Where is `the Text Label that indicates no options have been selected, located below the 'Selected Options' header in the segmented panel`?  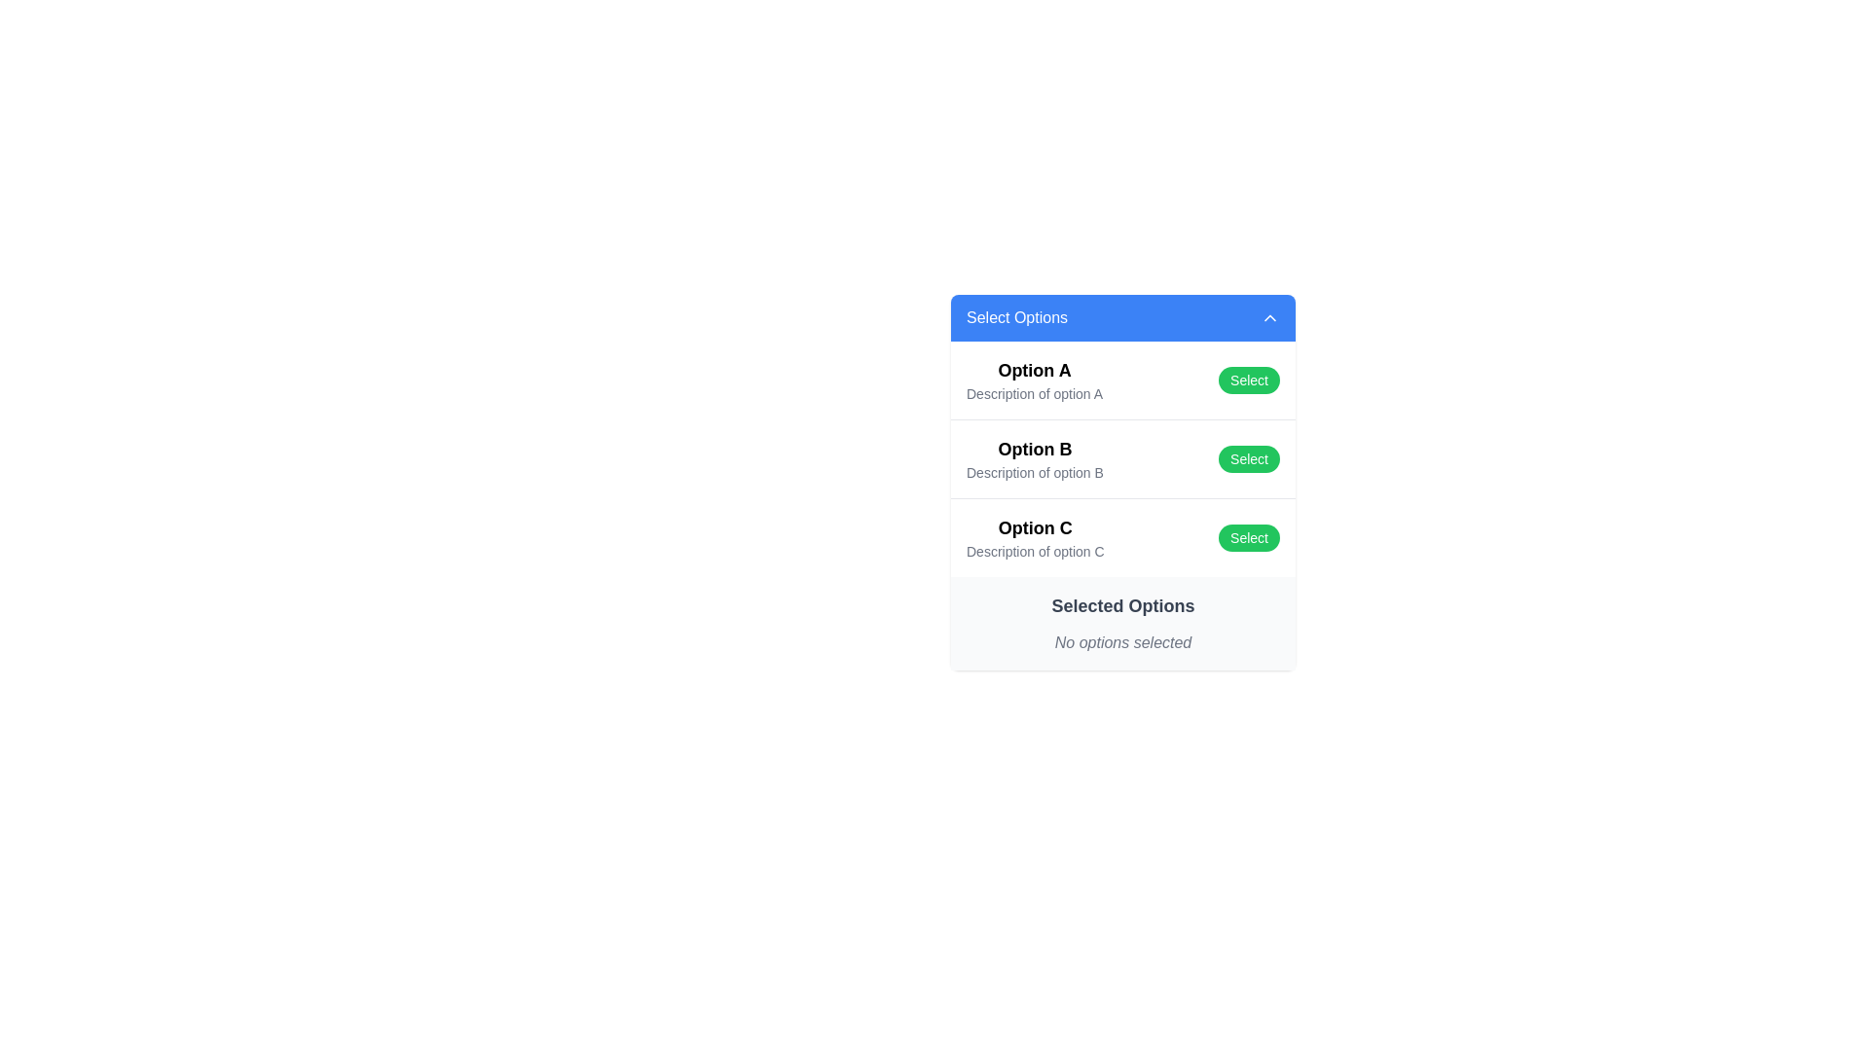 the Text Label that indicates no options have been selected, located below the 'Selected Options' header in the segmented panel is located at coordinates (1122, 642).